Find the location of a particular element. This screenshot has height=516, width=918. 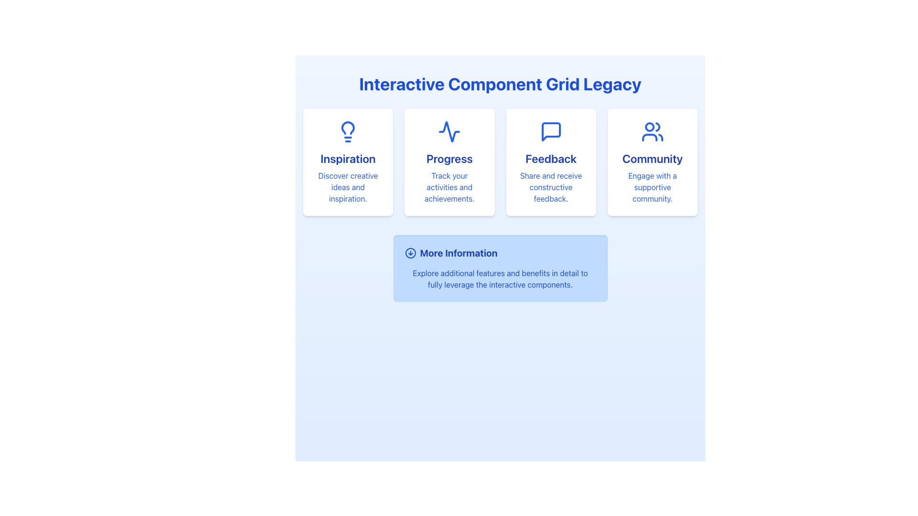

text content of the descriptive information or tagline at the bottom of the card labeled 'Inspiration' is located at coordinates (348, 187).